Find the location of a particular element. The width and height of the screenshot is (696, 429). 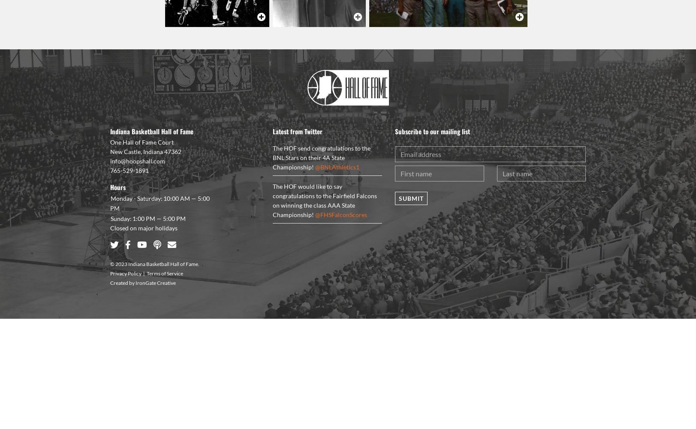

'@BNLAthletics1' is located at coordinates (337, 166).